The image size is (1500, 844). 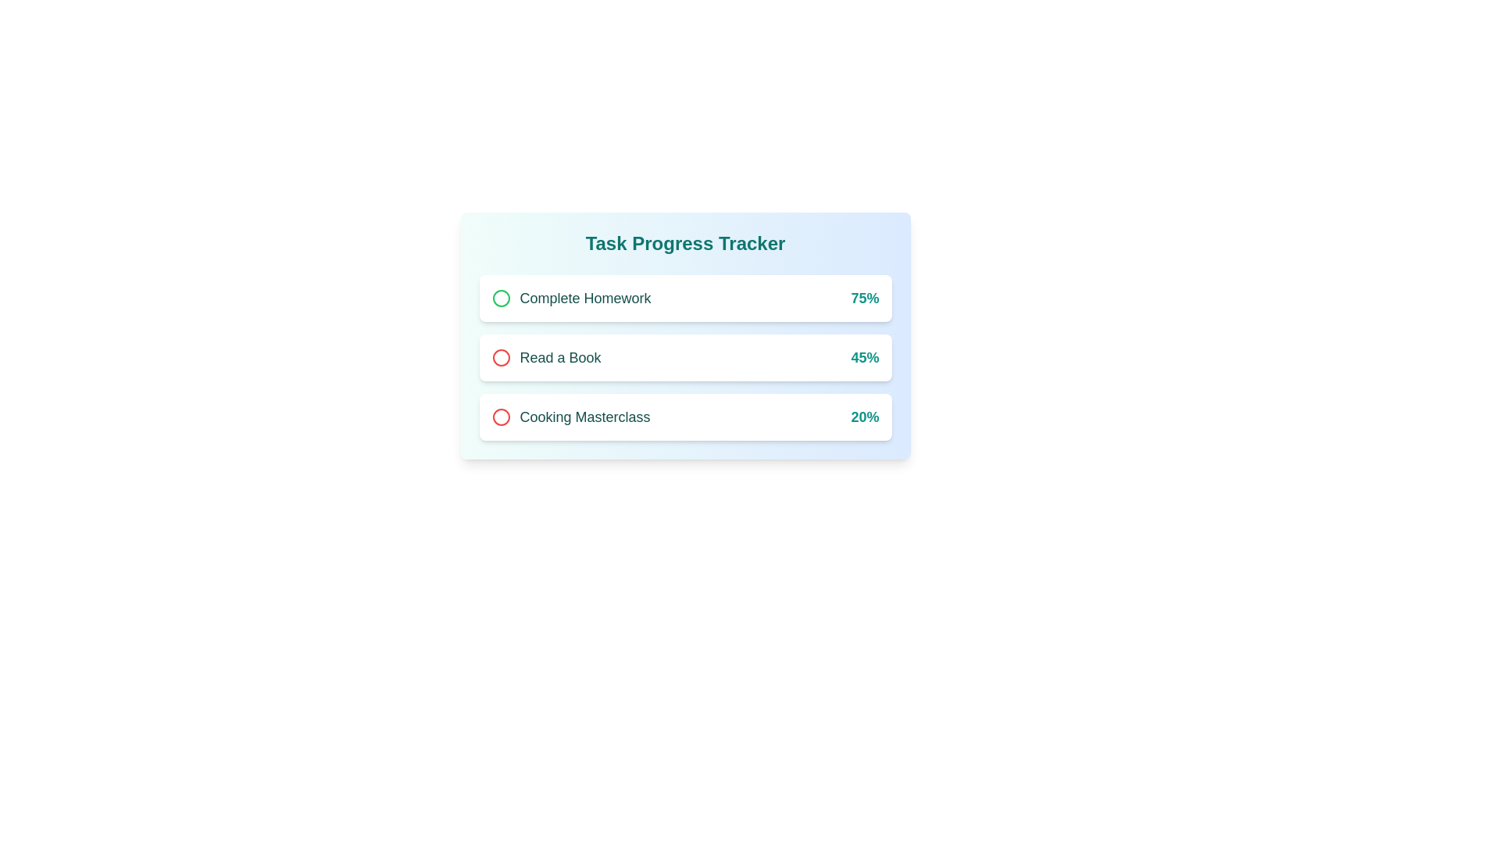 I want to click on the 'Read a Book' progress card, which displays the task details and completion percentage in the 'Task Progress Tracker', so click(x=685, y=358).